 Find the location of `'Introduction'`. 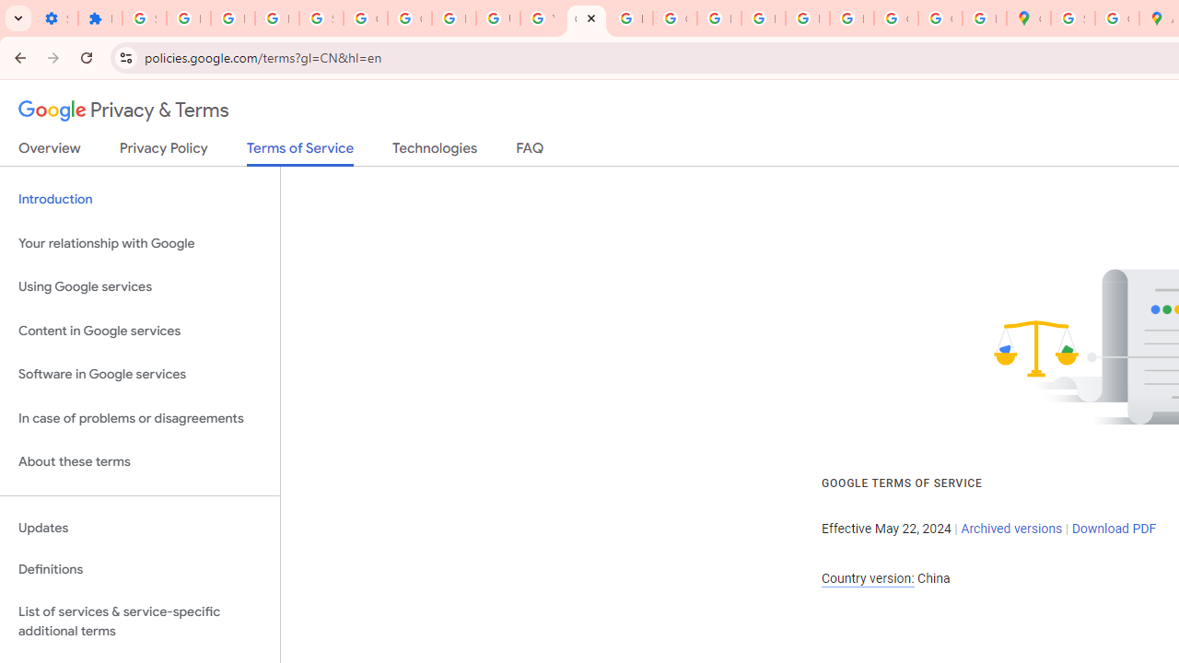

'Introduction' is located at coordinates (139, 200).